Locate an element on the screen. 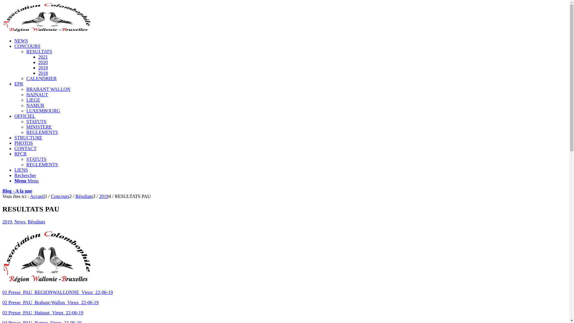 The width and height of the screenshot is (574, 323). 'Menu Menu' is located at coordinates (26, 180).